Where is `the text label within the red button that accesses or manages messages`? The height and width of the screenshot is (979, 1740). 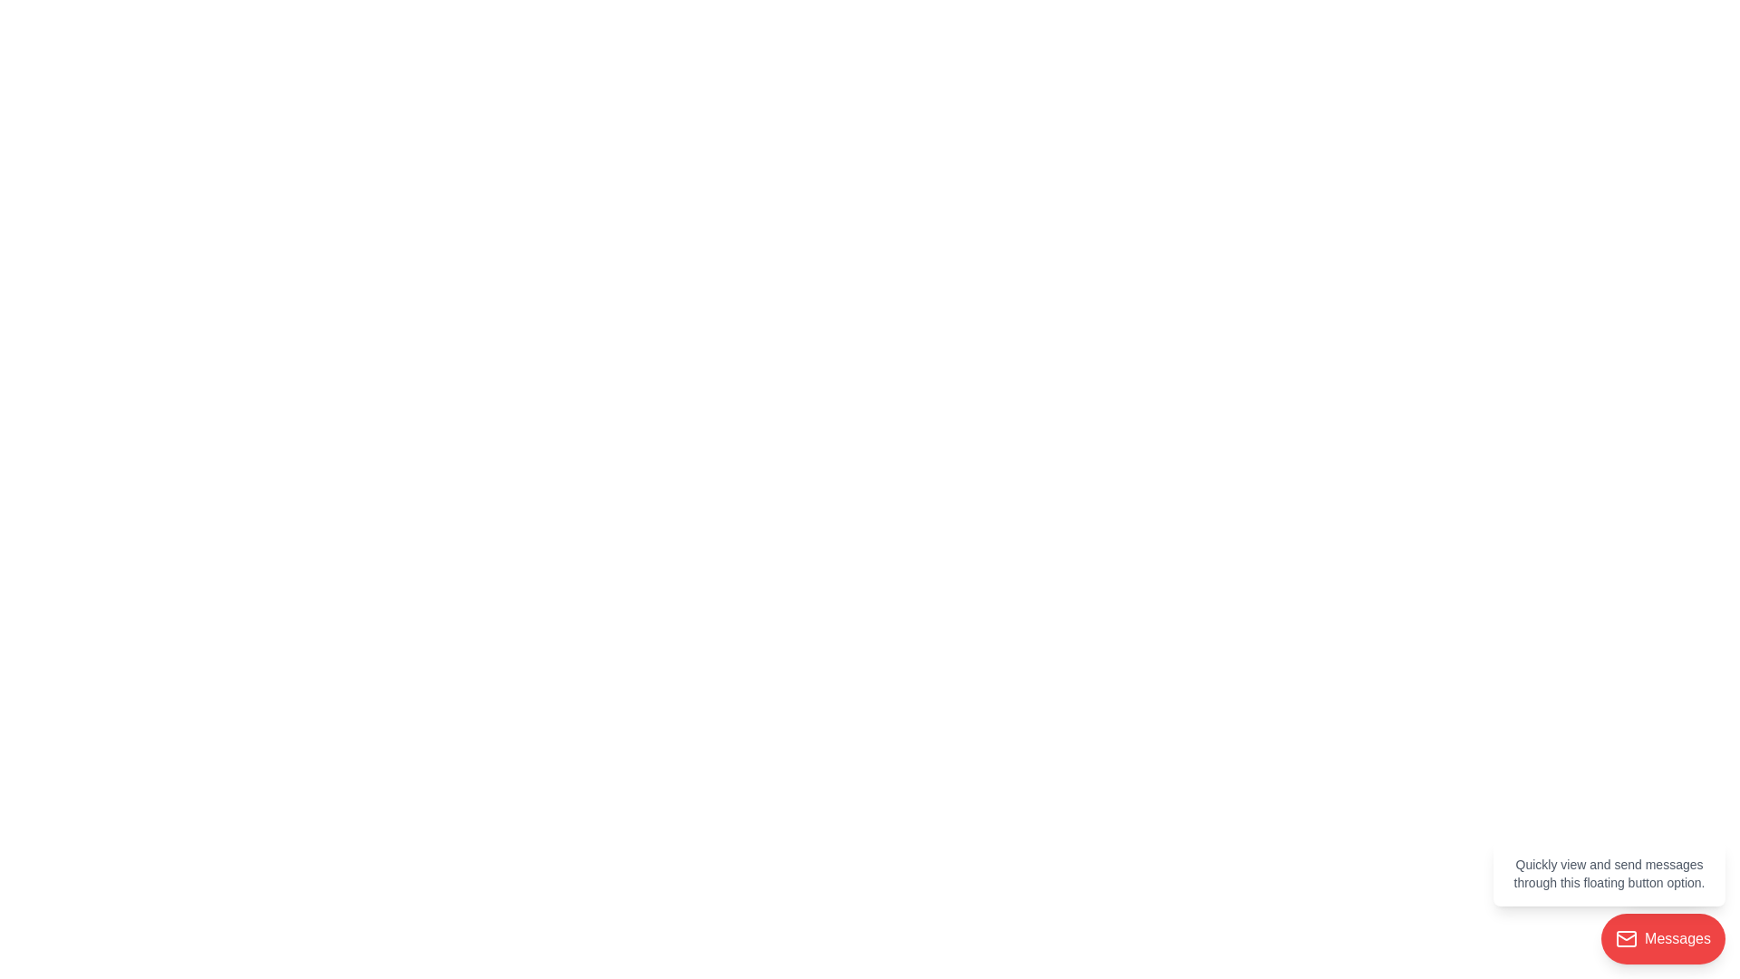 the text label within the red button that accesses or manages messages is located at coordinates (1677, 938).